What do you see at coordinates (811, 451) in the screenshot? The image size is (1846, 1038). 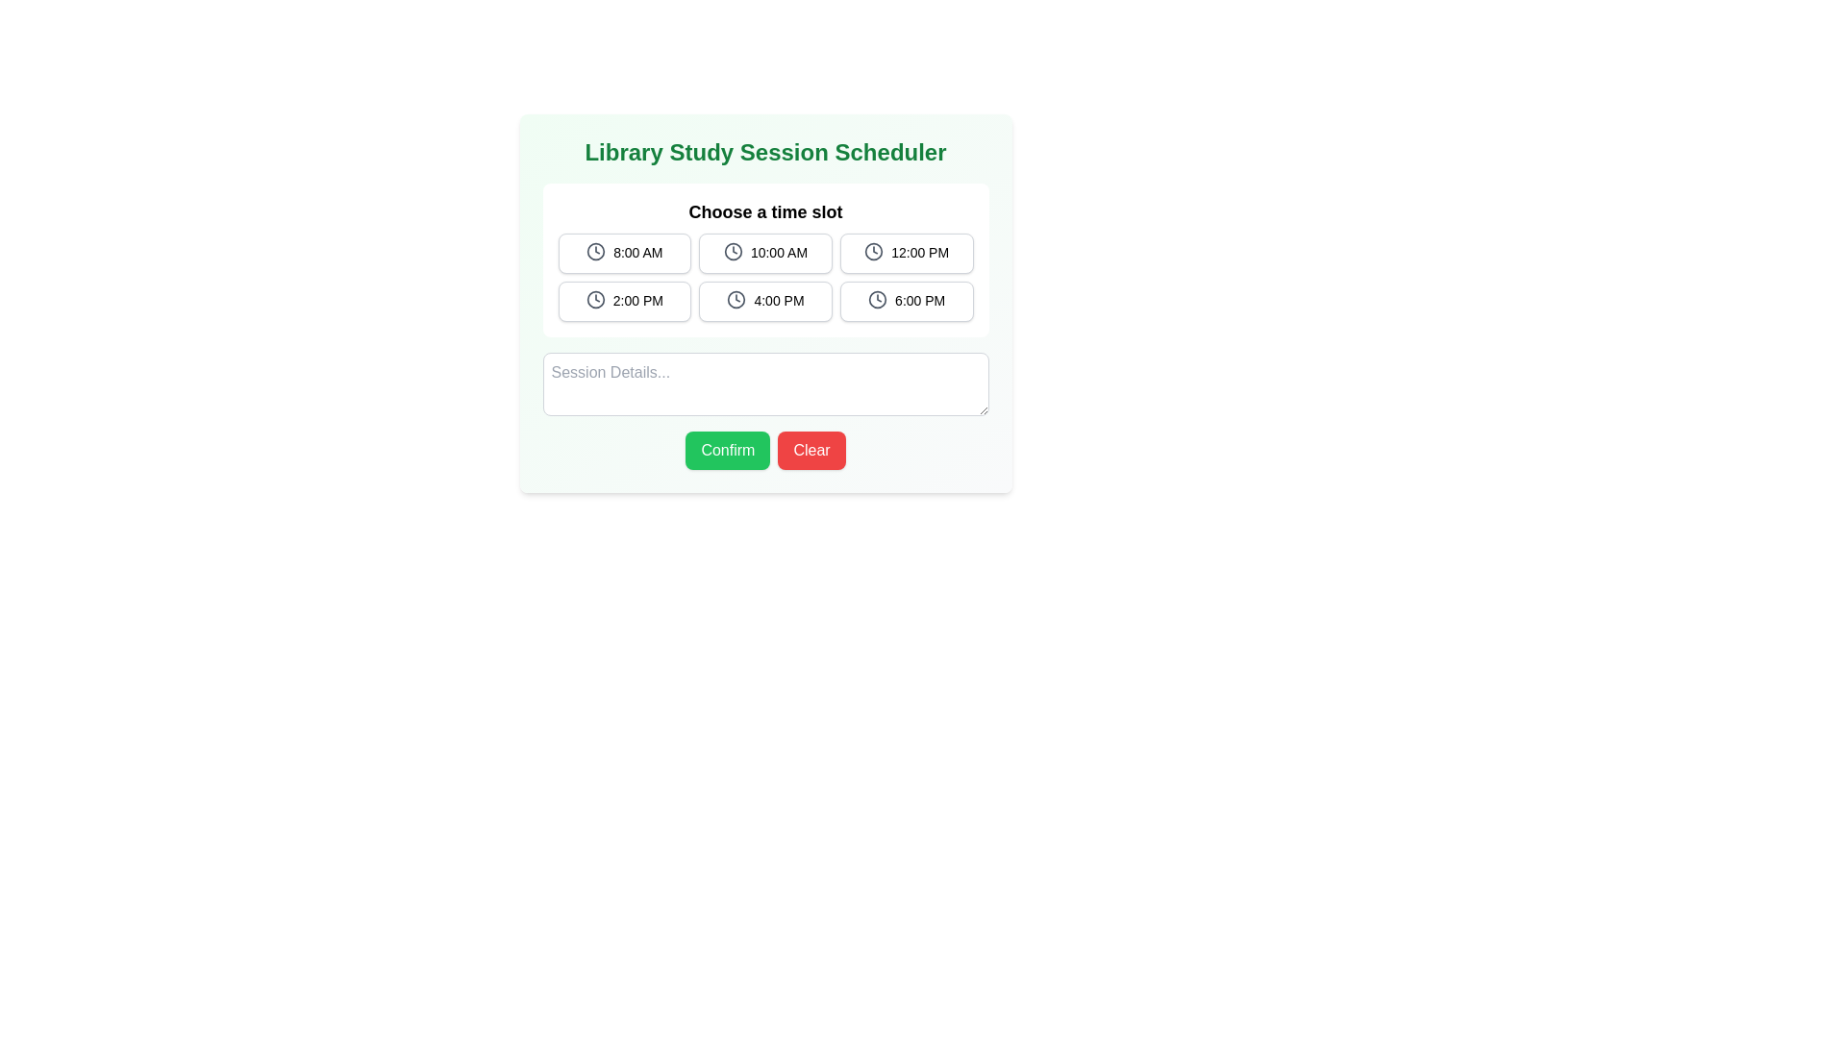 I see `the clear button located to the right of the green 'Confirm' button` at bounding box center [811, 451].